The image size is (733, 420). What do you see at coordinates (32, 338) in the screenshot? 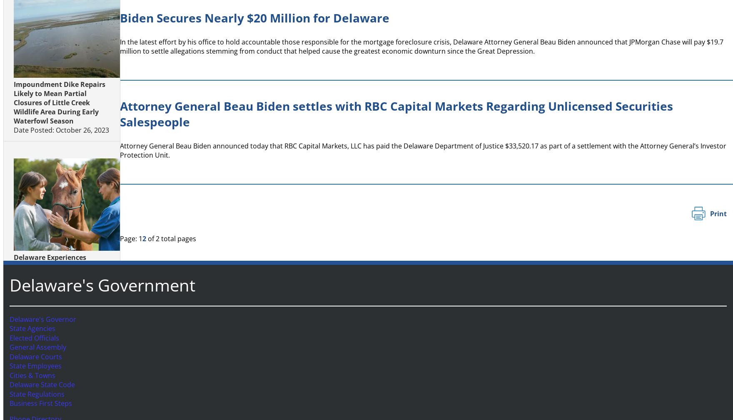
I see `'Elected Officials'` at bounding box center [32, 338].